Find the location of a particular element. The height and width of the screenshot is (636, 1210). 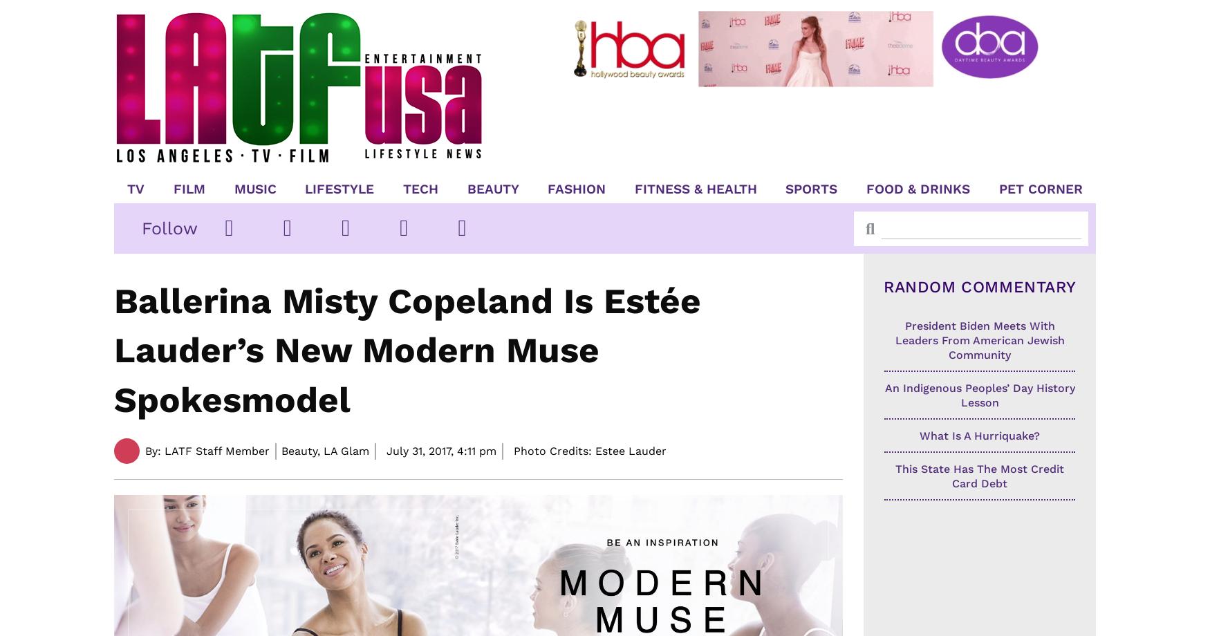

'Follow' is located at coordinates (141, 227).